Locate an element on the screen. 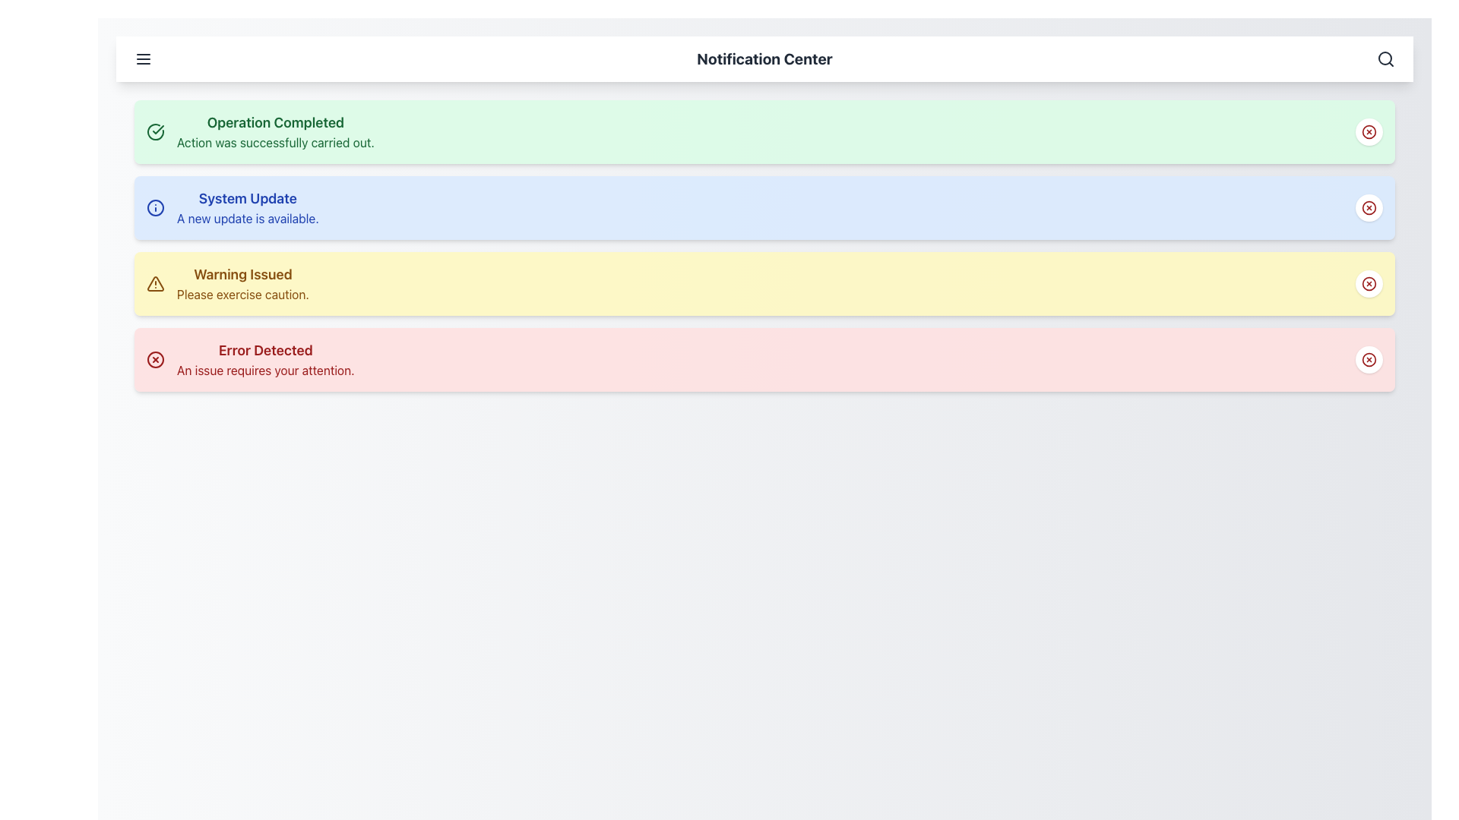 This screenshot has width=1459, height=820. the circular icon with a red 'X' symbol located in the notification bar labeled 'Error Detected' is located at coordinates (1369, 360).